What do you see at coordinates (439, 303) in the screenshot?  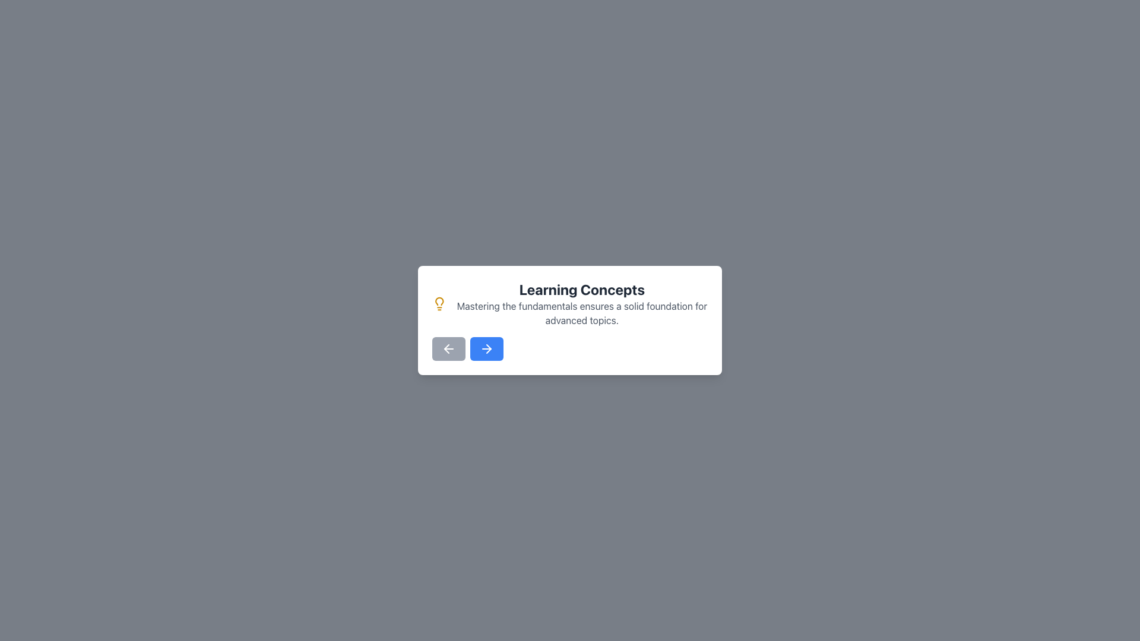 I see `the lightbulb icon, which is yellow and located to the left of the 'Learning Concepts' text, serving as a visual marker for the heading` at bounding box center [439, 303].